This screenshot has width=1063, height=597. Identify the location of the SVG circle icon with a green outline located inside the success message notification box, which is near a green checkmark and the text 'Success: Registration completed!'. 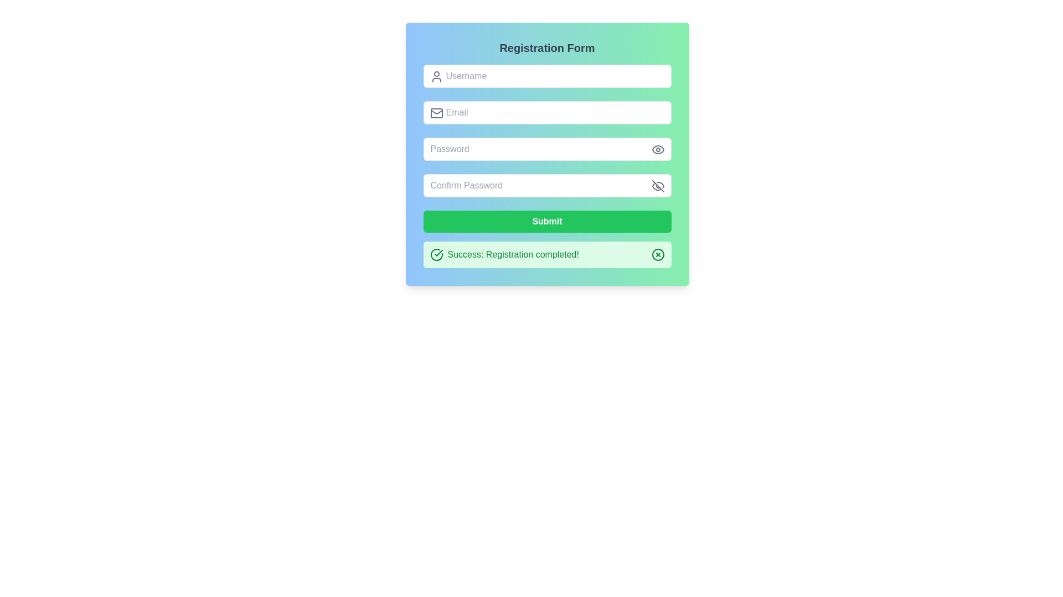
(658, 255).